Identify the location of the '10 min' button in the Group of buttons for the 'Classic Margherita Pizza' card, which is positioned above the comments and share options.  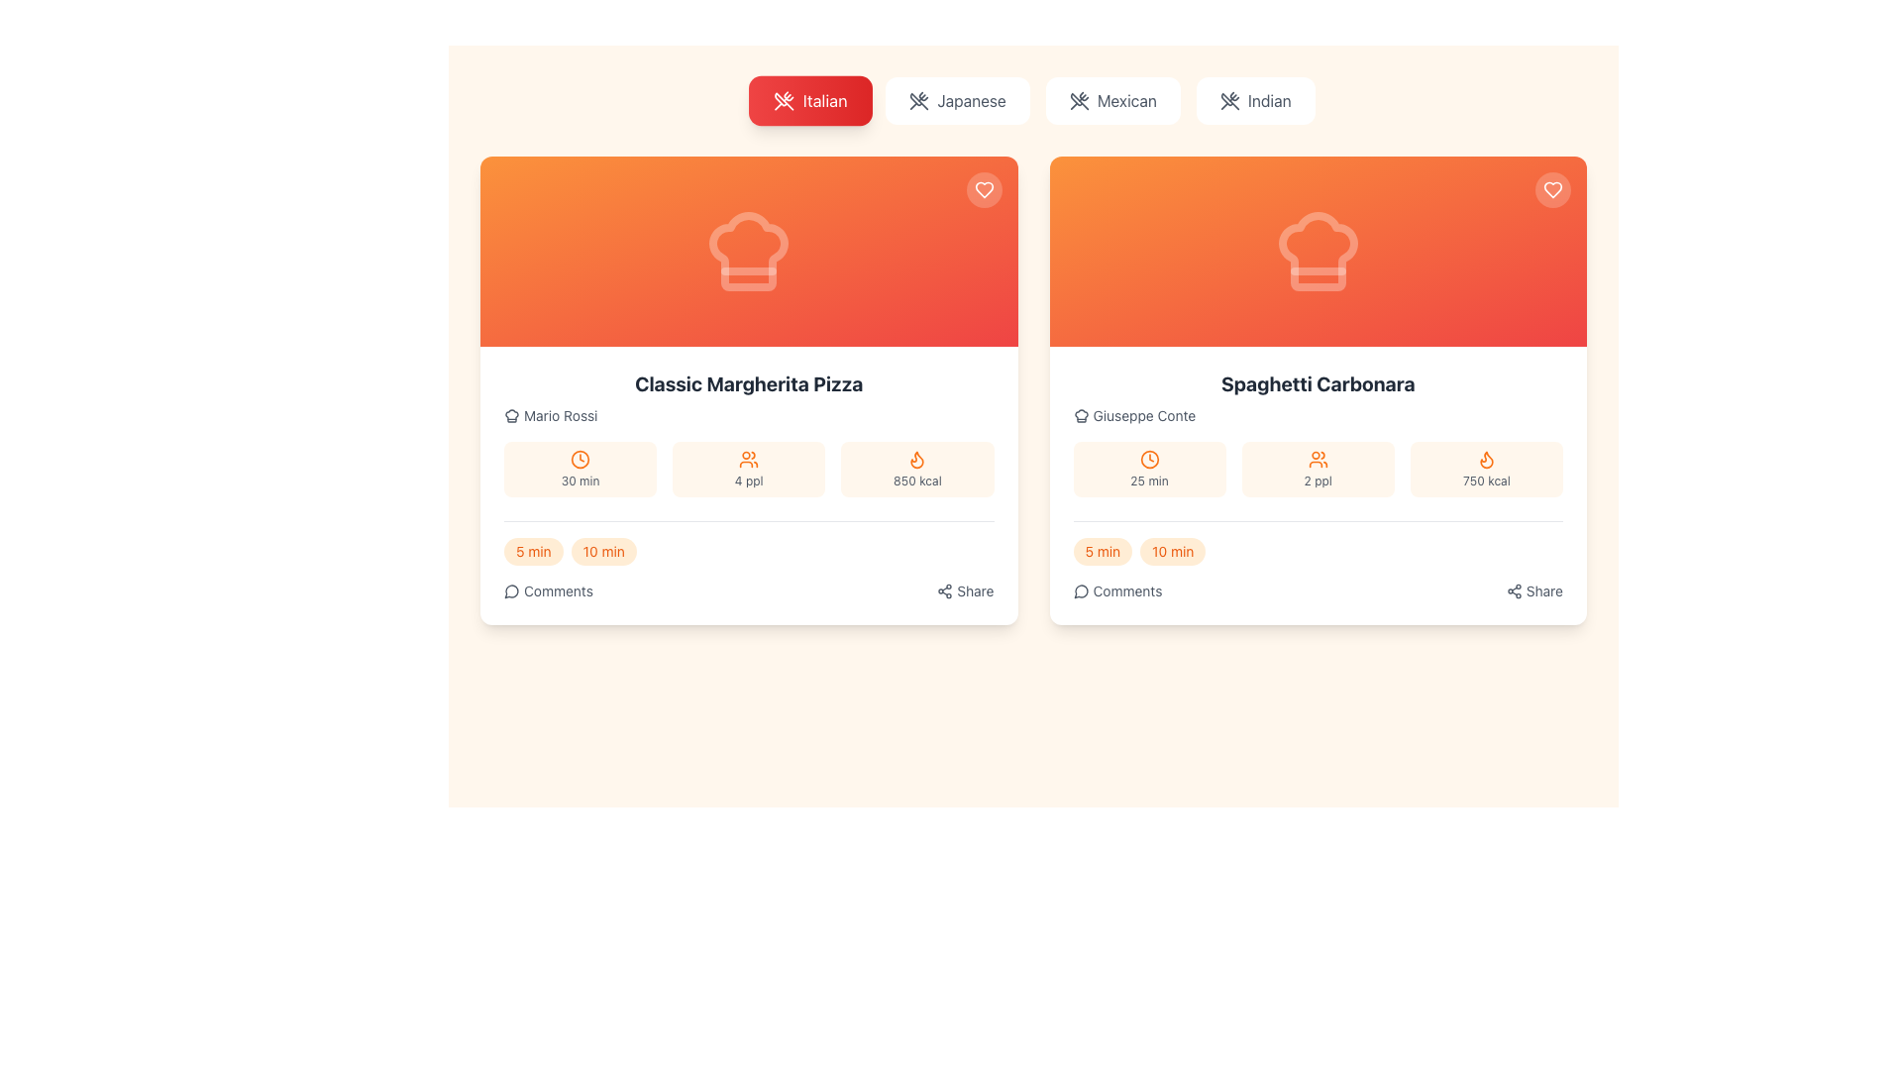
(748, 551).